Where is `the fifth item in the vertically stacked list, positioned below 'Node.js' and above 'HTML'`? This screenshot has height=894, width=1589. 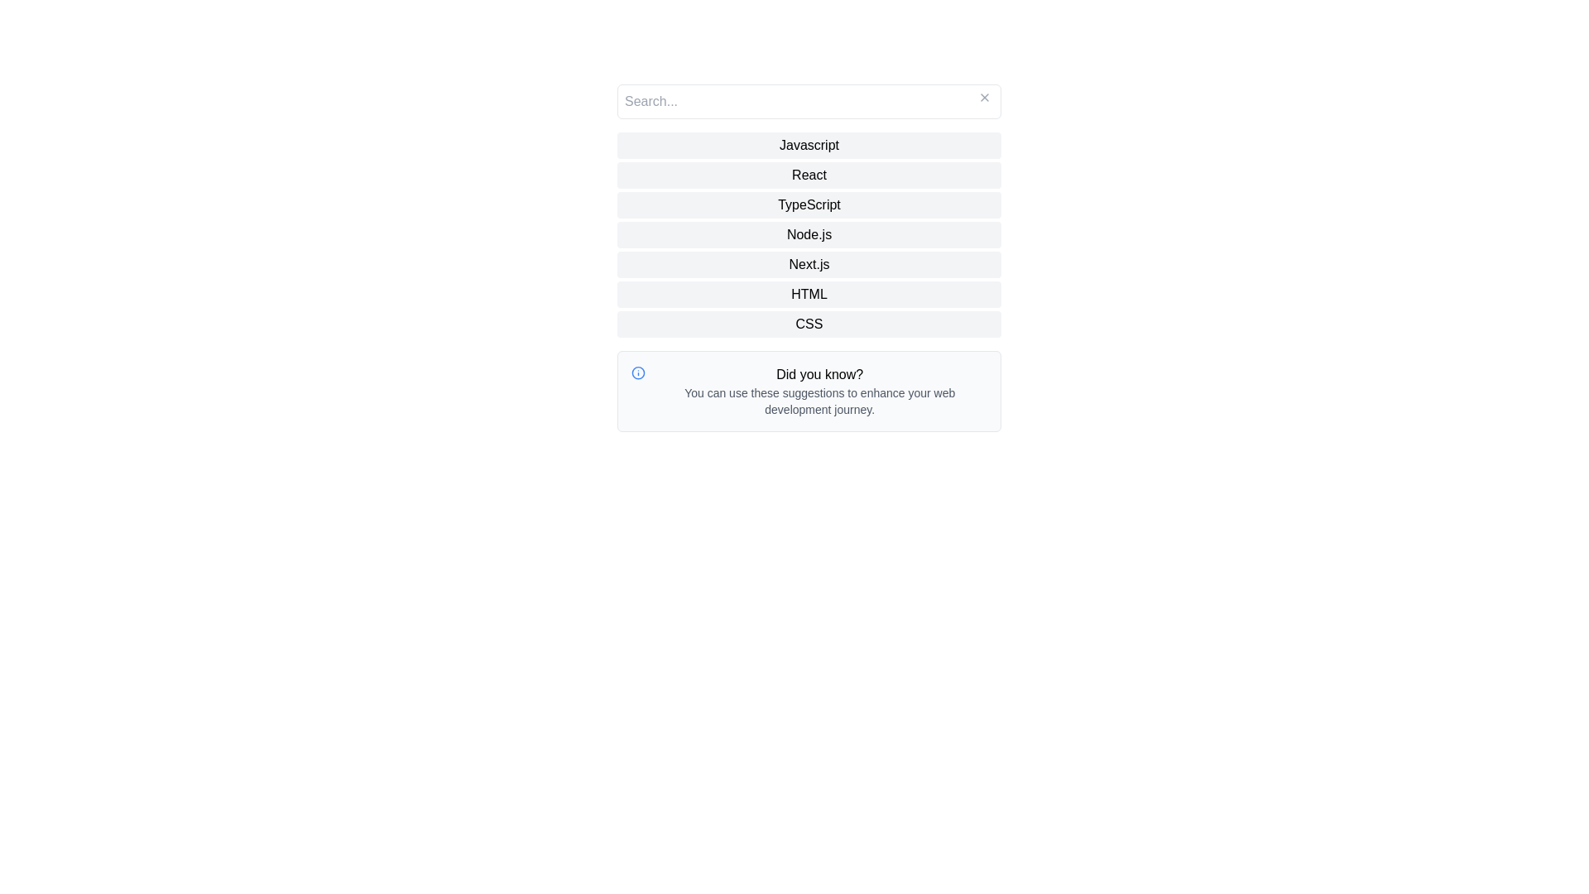
the fifth item in the vertically stacked list, positioned below 'Node.js' and above 'HTML' is located at coordinates (809, 258).